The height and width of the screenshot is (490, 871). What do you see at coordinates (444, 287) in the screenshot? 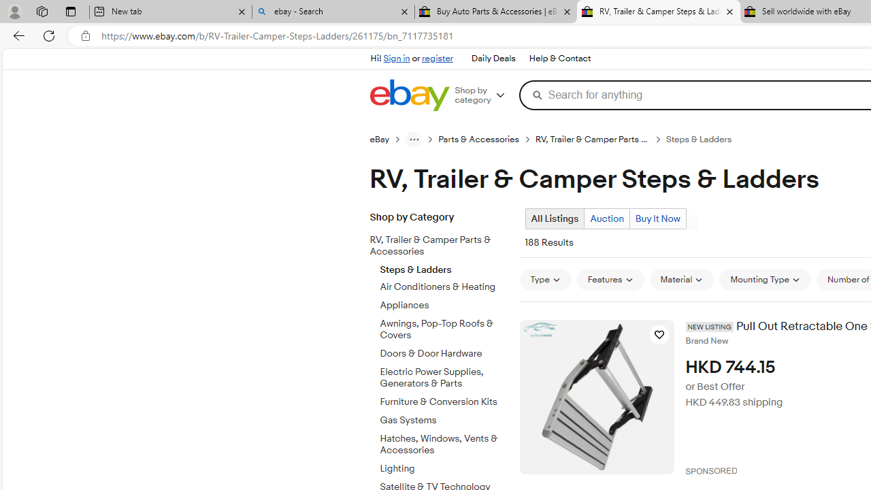
I see `'Air Conditioners & Heating'` at bounding box center [444, 287].